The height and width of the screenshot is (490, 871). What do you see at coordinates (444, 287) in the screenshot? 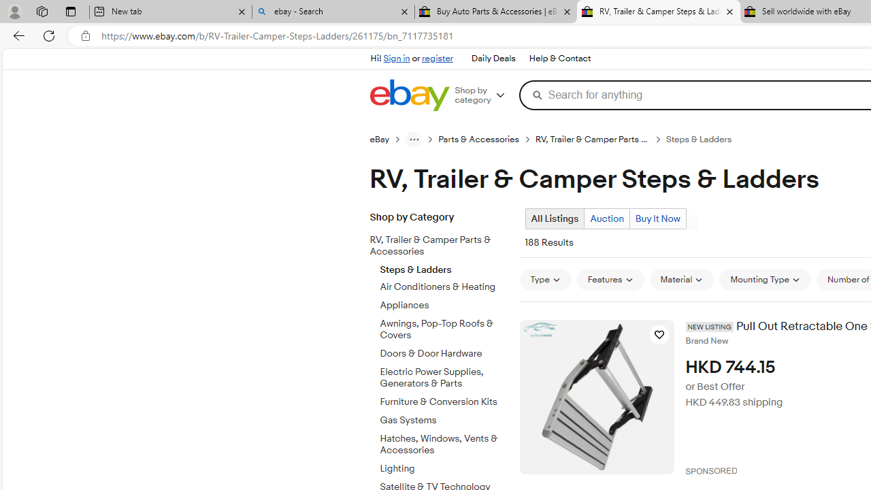
I see `'Air Conditioners & Heating'` at bounding box center [444, 287].